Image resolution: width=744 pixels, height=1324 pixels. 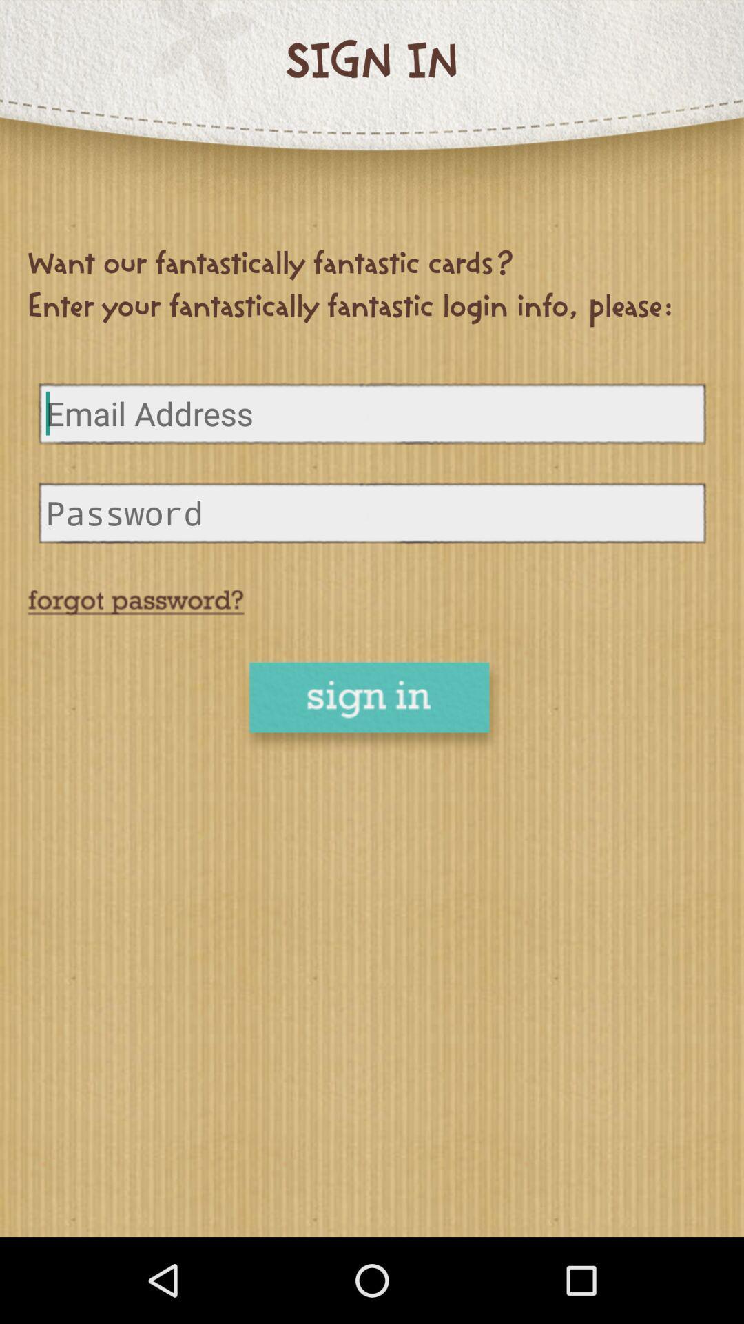 What do you see at coordinates (136, 603) in the screenshot?
I see `retrieve password` at bounding box center [136, 603].